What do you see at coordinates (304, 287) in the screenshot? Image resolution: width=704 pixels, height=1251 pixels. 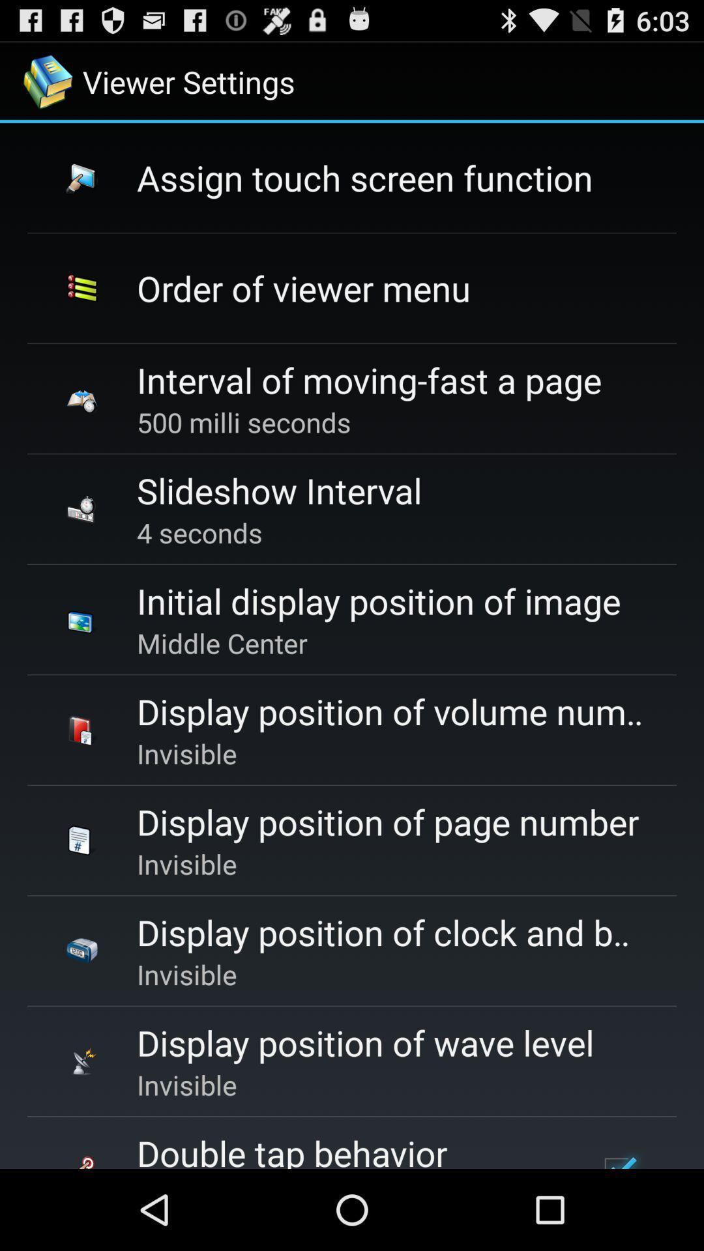 I see `the order of viewer icon` at bounding box center [304, 287].